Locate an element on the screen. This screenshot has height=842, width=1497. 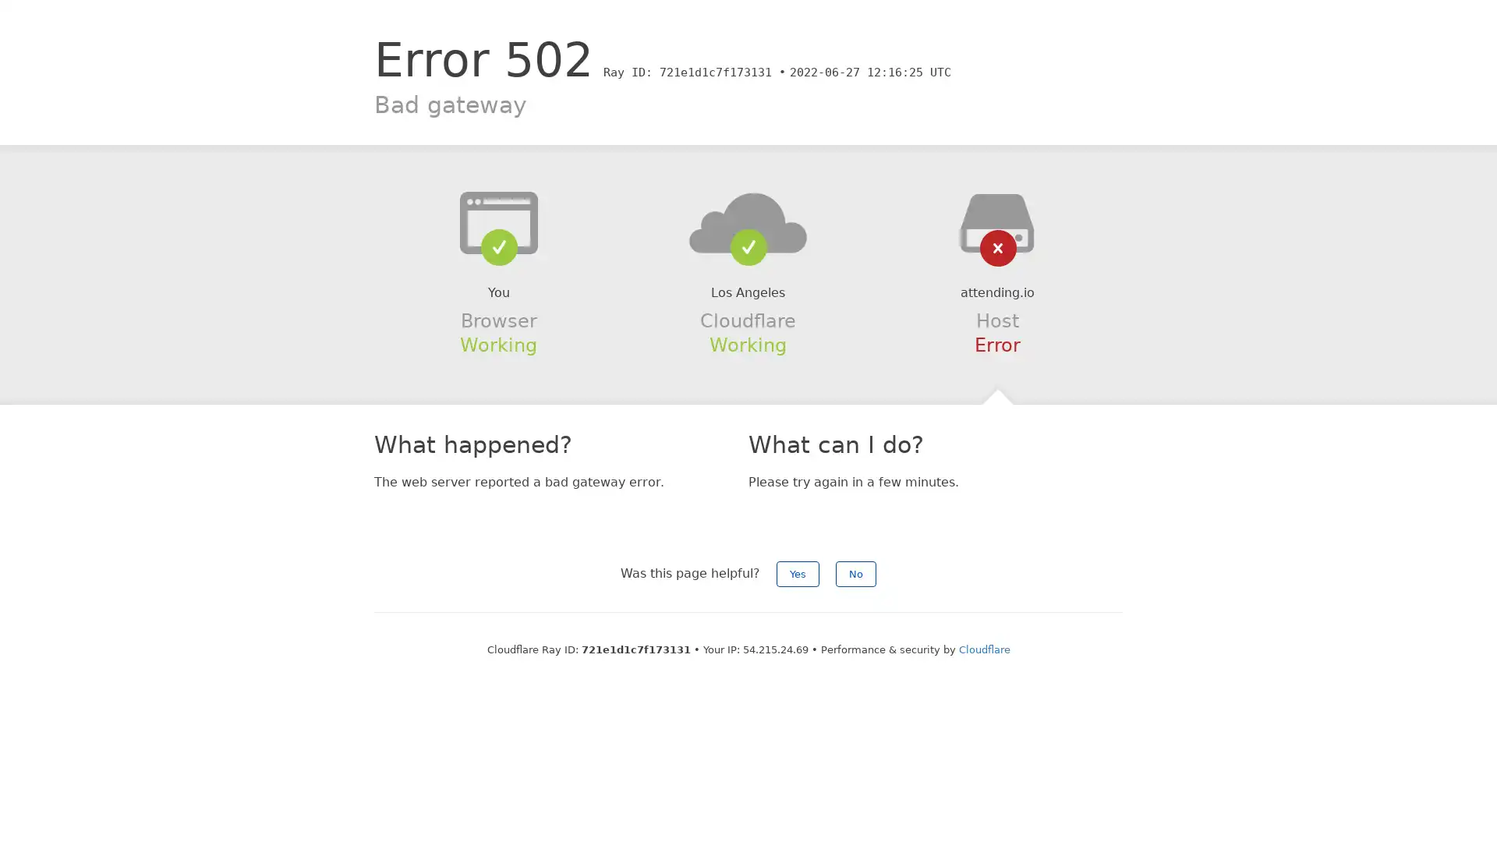
Yes is located at coordinates (798, 574).